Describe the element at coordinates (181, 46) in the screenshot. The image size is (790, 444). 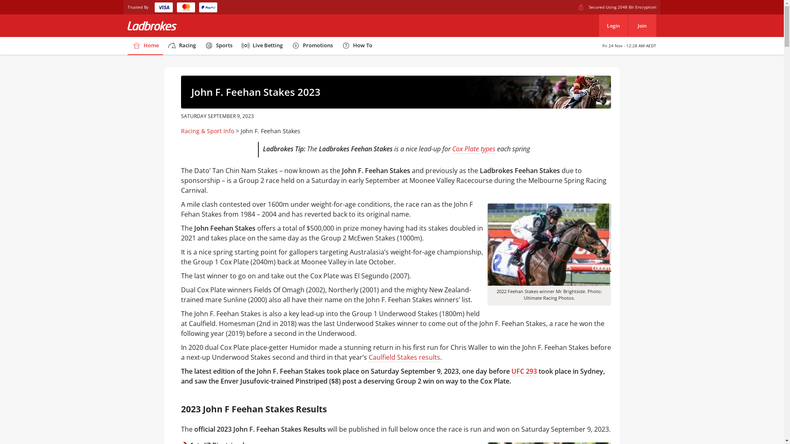
I see `'Racing'` at that location.